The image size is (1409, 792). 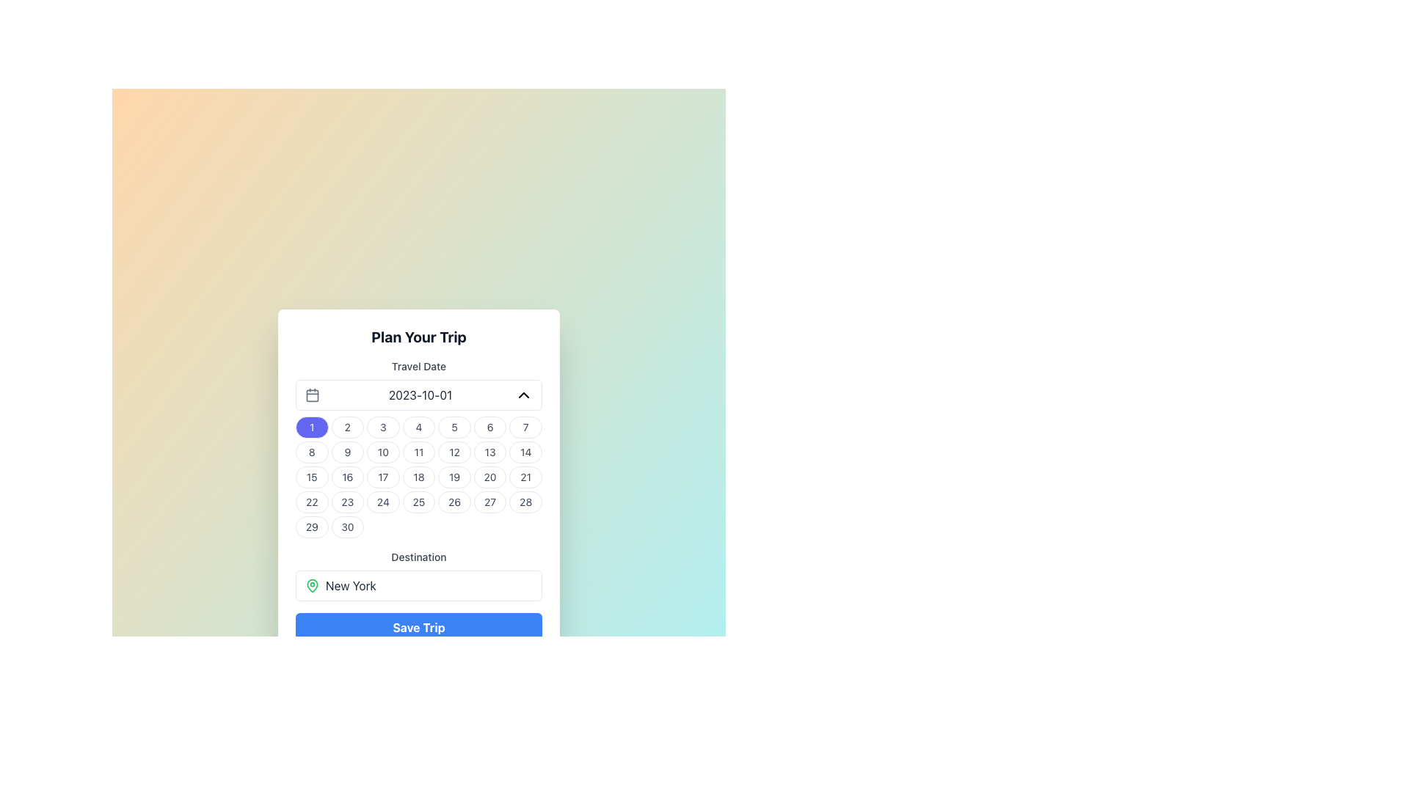 What do you see at coordinates (525, 477) in the screenshot?
I see `the interactive button for selecting the date '21' in the calendar grid layout by moving the cursor to its center point` at bounding box center [525, 477].